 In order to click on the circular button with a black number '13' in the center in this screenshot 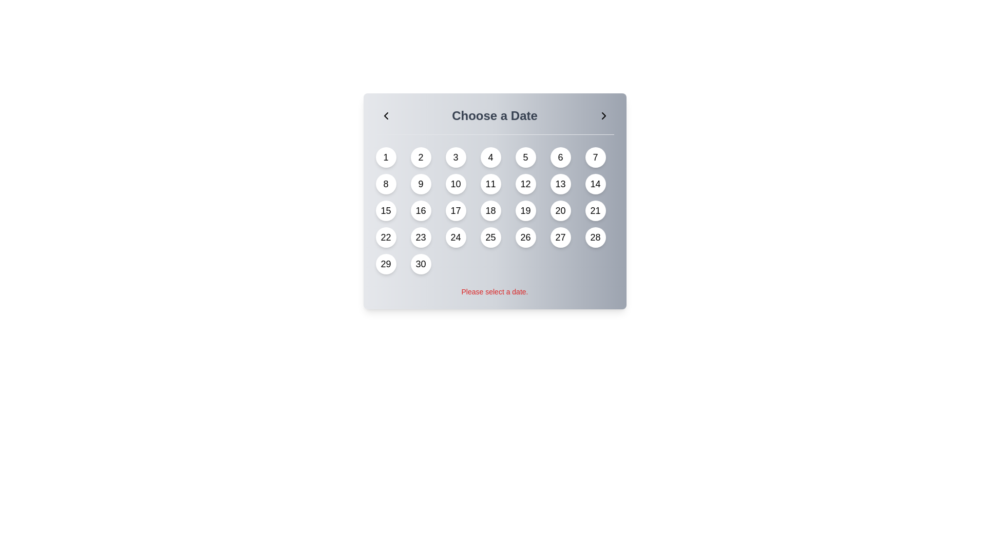, I will do `click(560, 183)`.